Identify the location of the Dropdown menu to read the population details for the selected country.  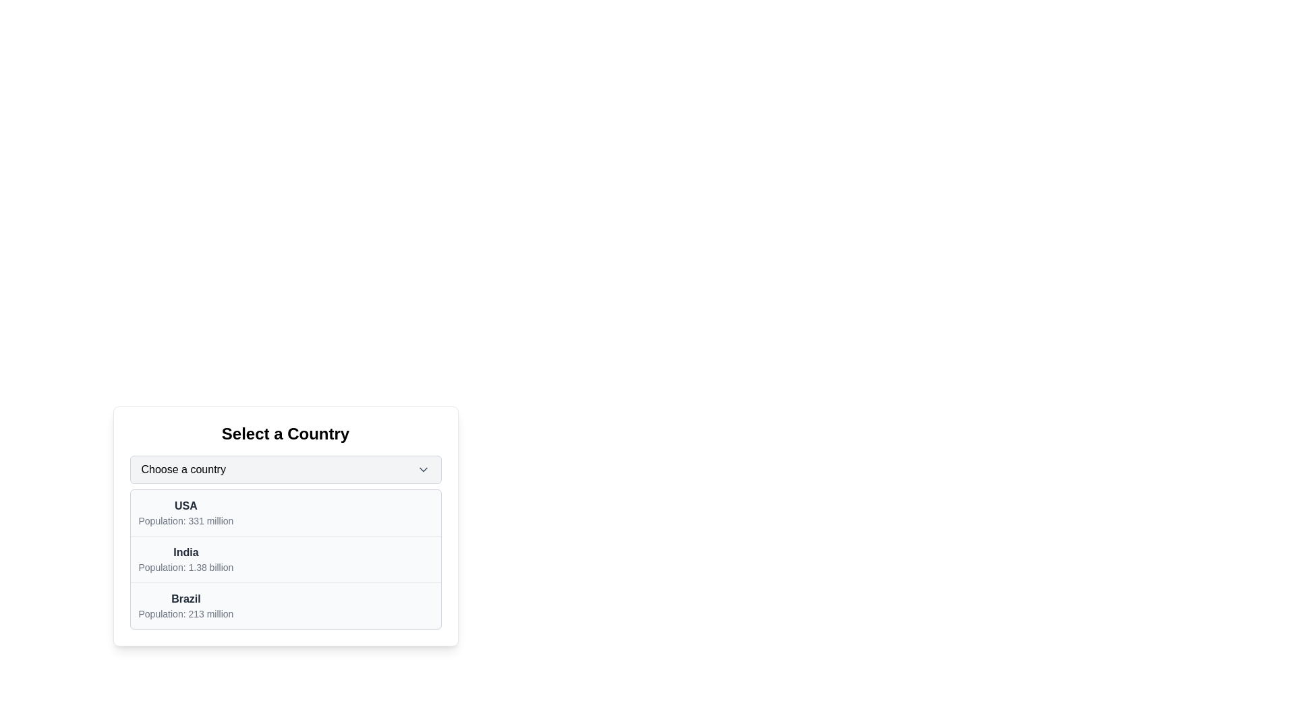
(285, 525).